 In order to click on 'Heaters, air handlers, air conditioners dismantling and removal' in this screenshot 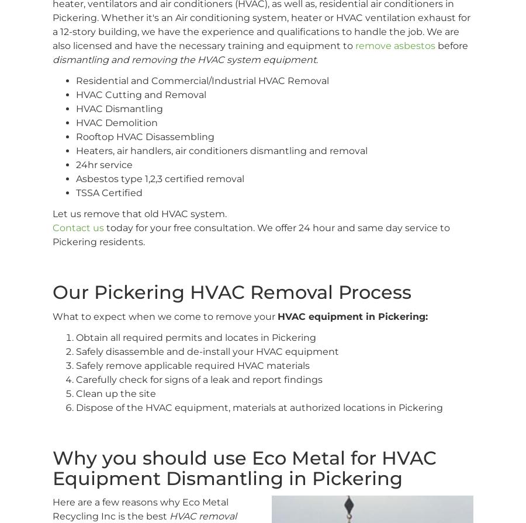, I will do `click(75, 151)`.